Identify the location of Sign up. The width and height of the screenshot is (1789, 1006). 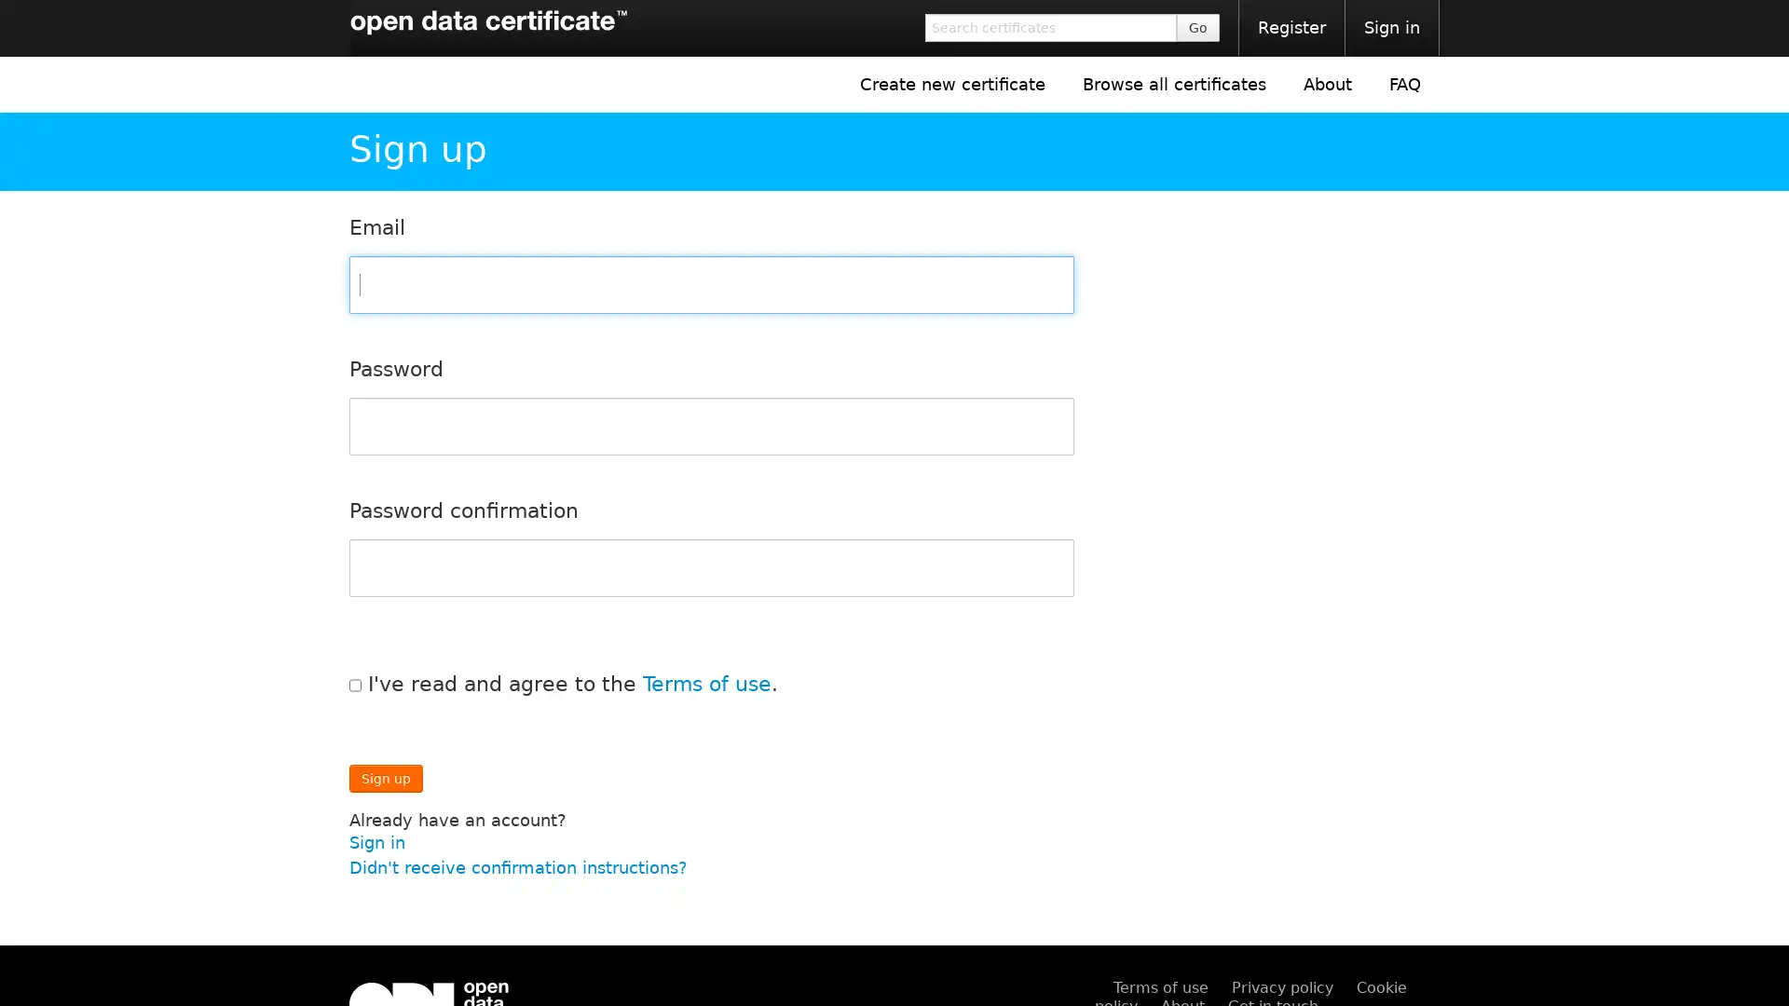
(385, 777).